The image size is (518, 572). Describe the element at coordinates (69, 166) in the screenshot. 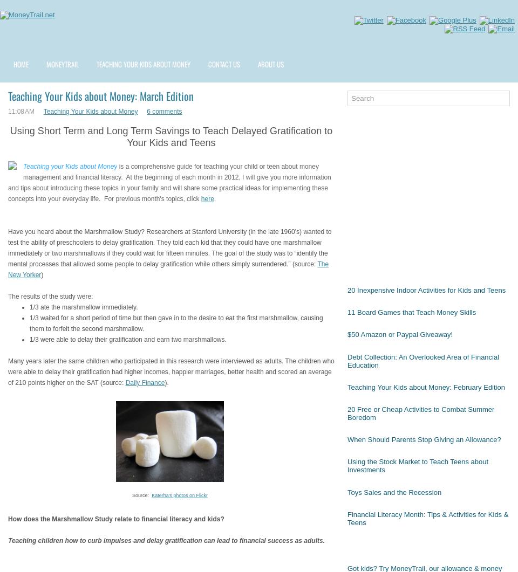

I see `'Teaching your Kids about Money'` at that location.